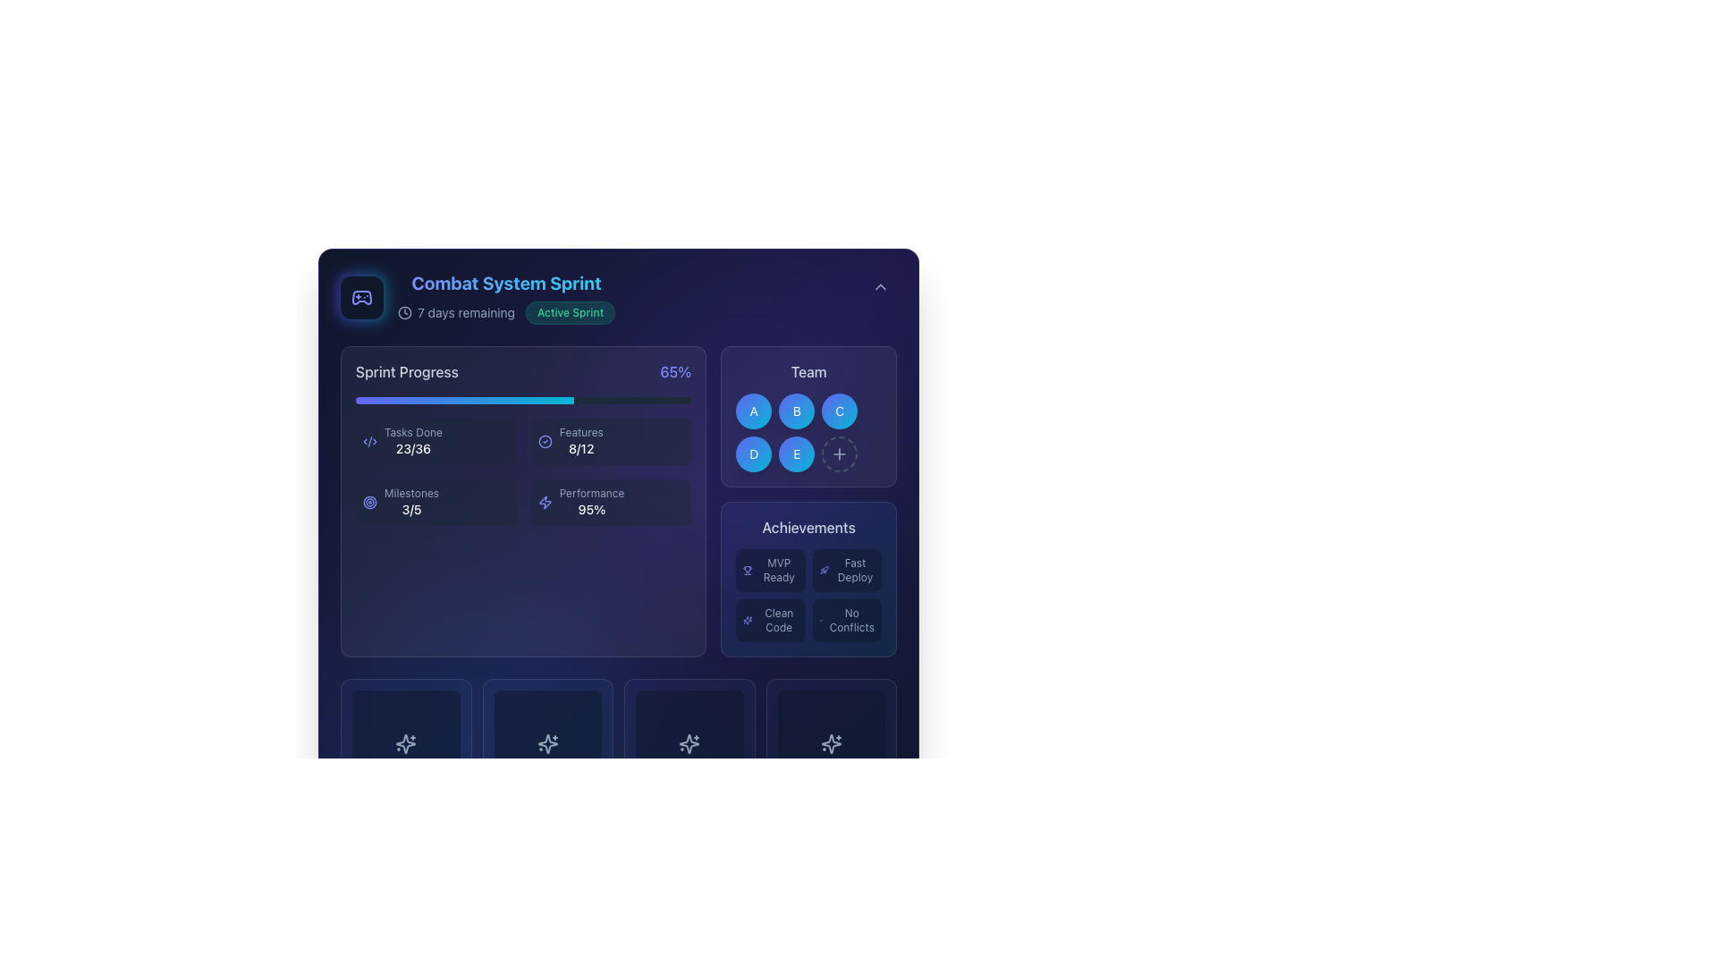 The height and width of the screenshot is (966, 1717). What do you see at coordinates (689, 744) in the screenshot?
I see `the Button located in the second row and third column of the grid layout, positioned below the 'Achievements' section` at bounding box center [689, 744].